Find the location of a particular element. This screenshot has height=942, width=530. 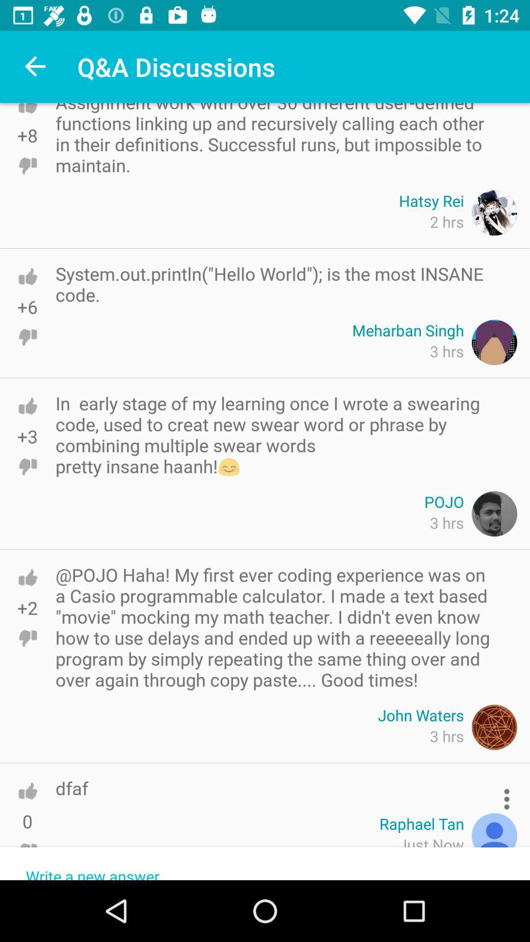

click the unlike is located at coordinates (27, 466).